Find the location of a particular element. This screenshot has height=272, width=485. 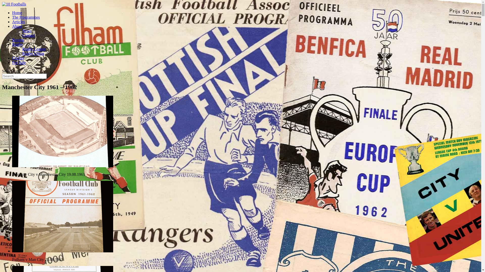

'Rugby Union' is located at coordinates (33, 53).